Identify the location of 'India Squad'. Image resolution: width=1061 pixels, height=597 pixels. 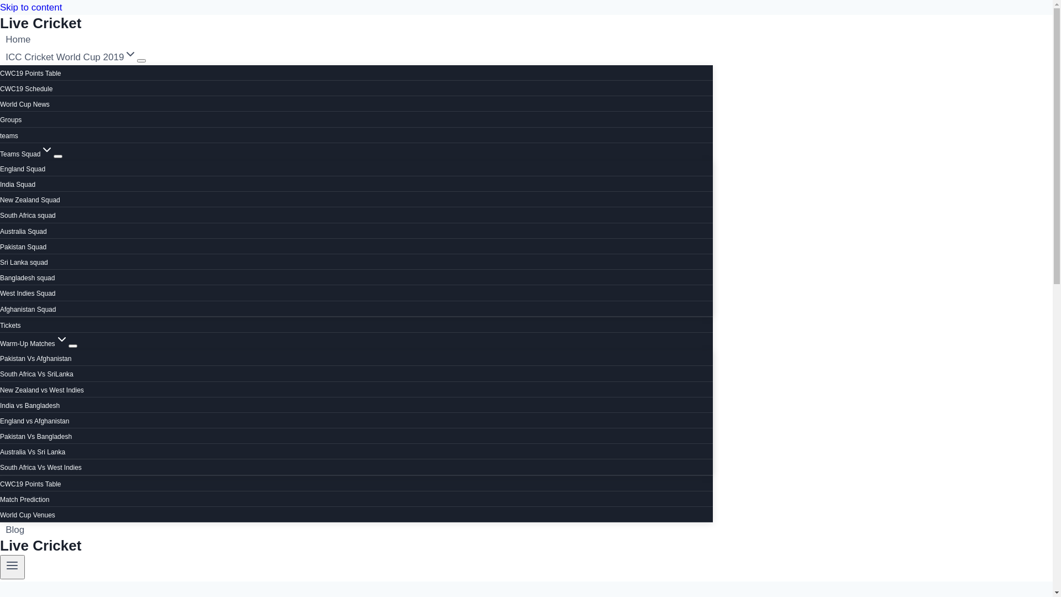
(0, 184).